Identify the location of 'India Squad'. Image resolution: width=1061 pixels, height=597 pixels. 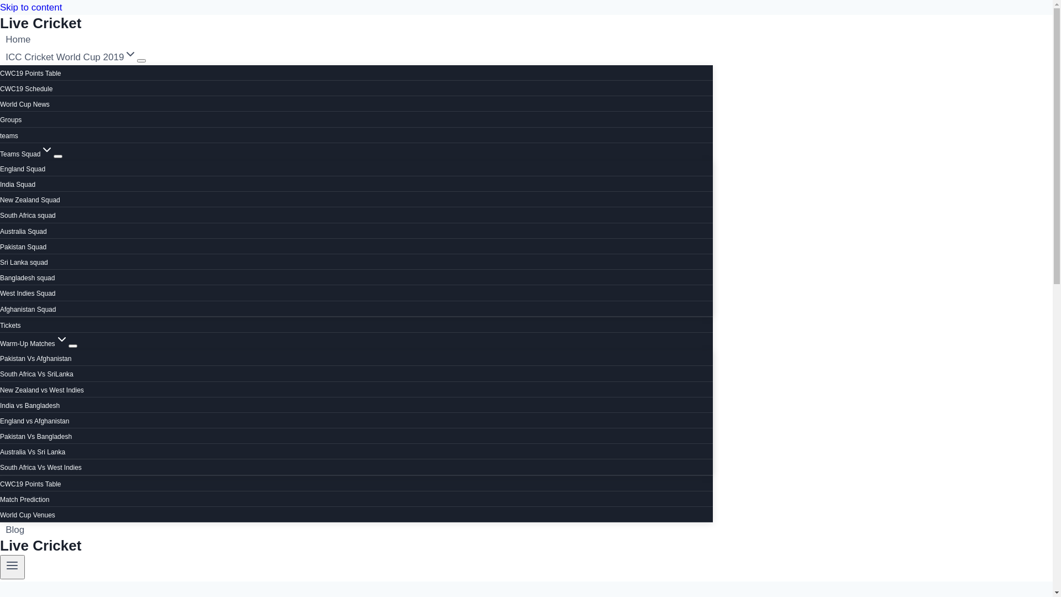
(0, 184).